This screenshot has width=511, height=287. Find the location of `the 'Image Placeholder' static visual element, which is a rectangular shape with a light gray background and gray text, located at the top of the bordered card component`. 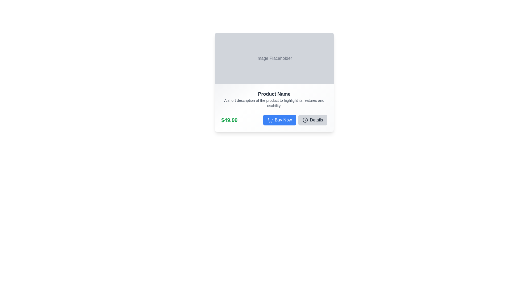

the 'Image Placeholder' static visual element, which is a rectangular shape with a light gray background and gray text, located at the top of the bordered card component is located at coordinates (274, 58).